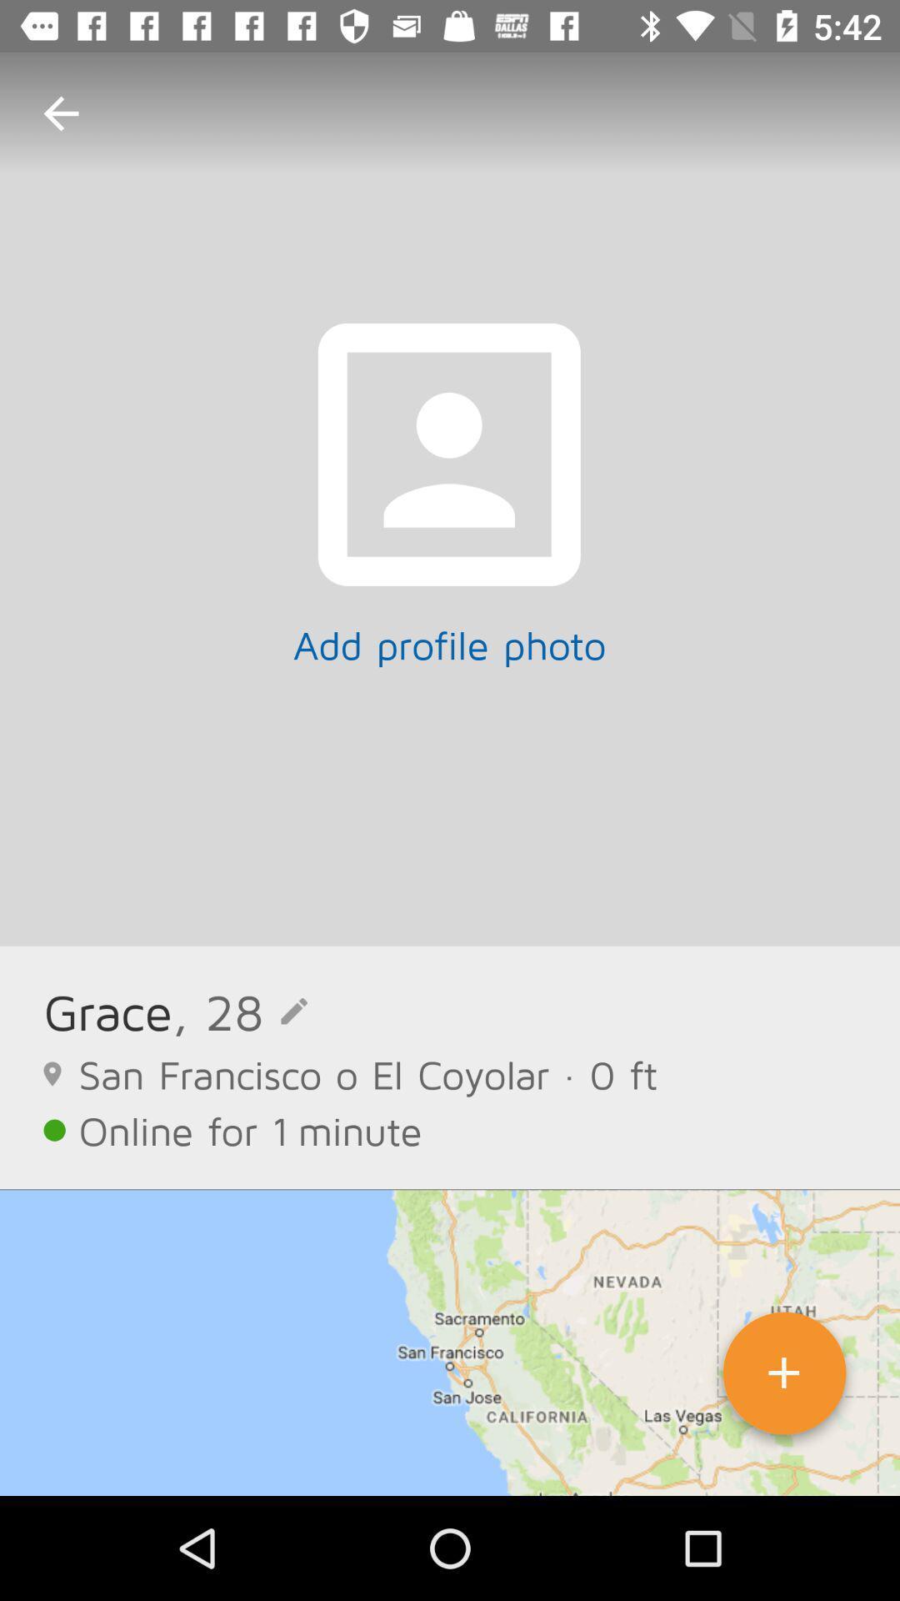 The image size is (900, 1601). Describe the element at coordinates (107, 1011) in the screenshot. I see `the icon next to the , 28 item` at that location.